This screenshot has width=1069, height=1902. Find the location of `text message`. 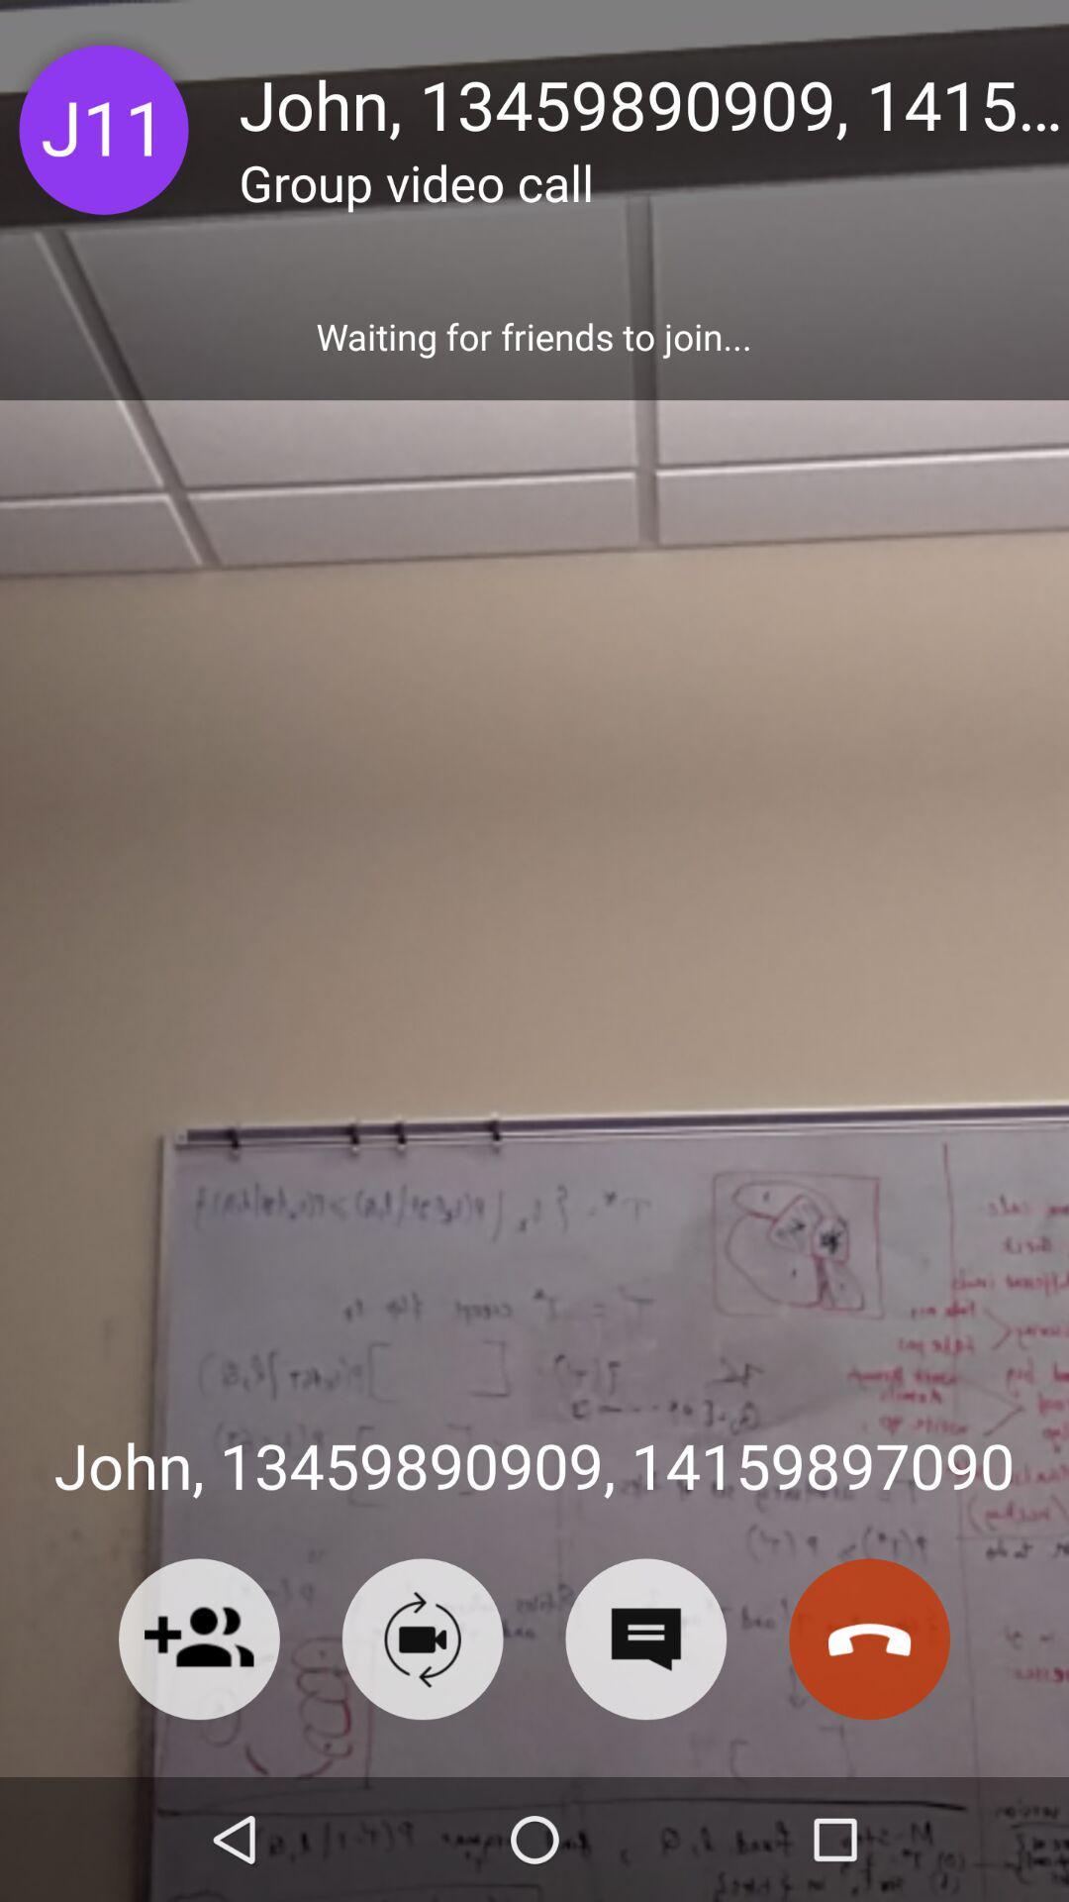

text message is located at coordinates (645, 1638).